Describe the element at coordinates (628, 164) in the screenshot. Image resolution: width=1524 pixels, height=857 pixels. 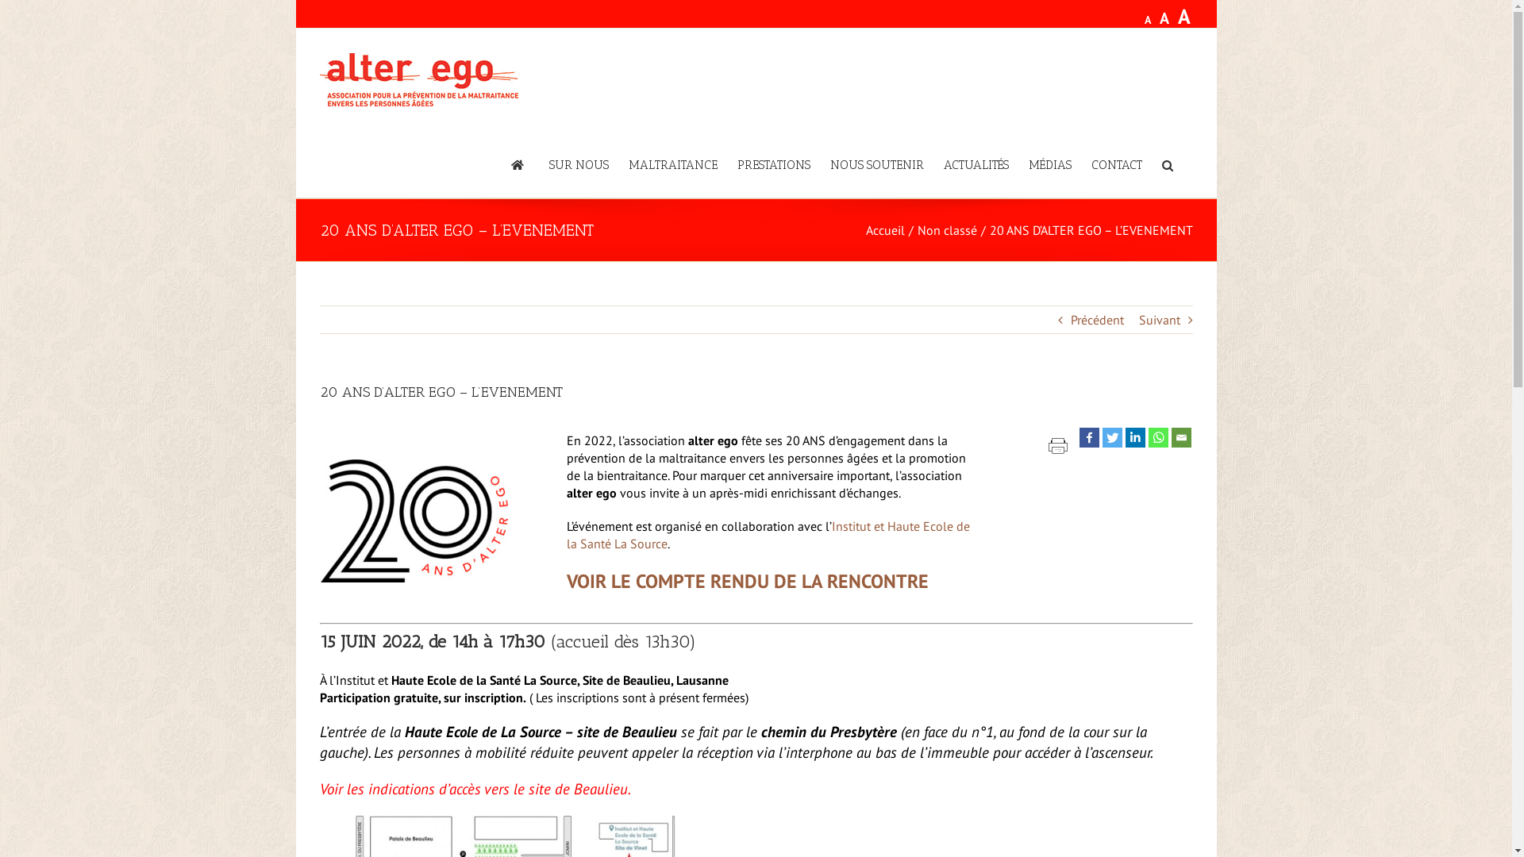
I see `'MALTRAITANCE'` at that location.